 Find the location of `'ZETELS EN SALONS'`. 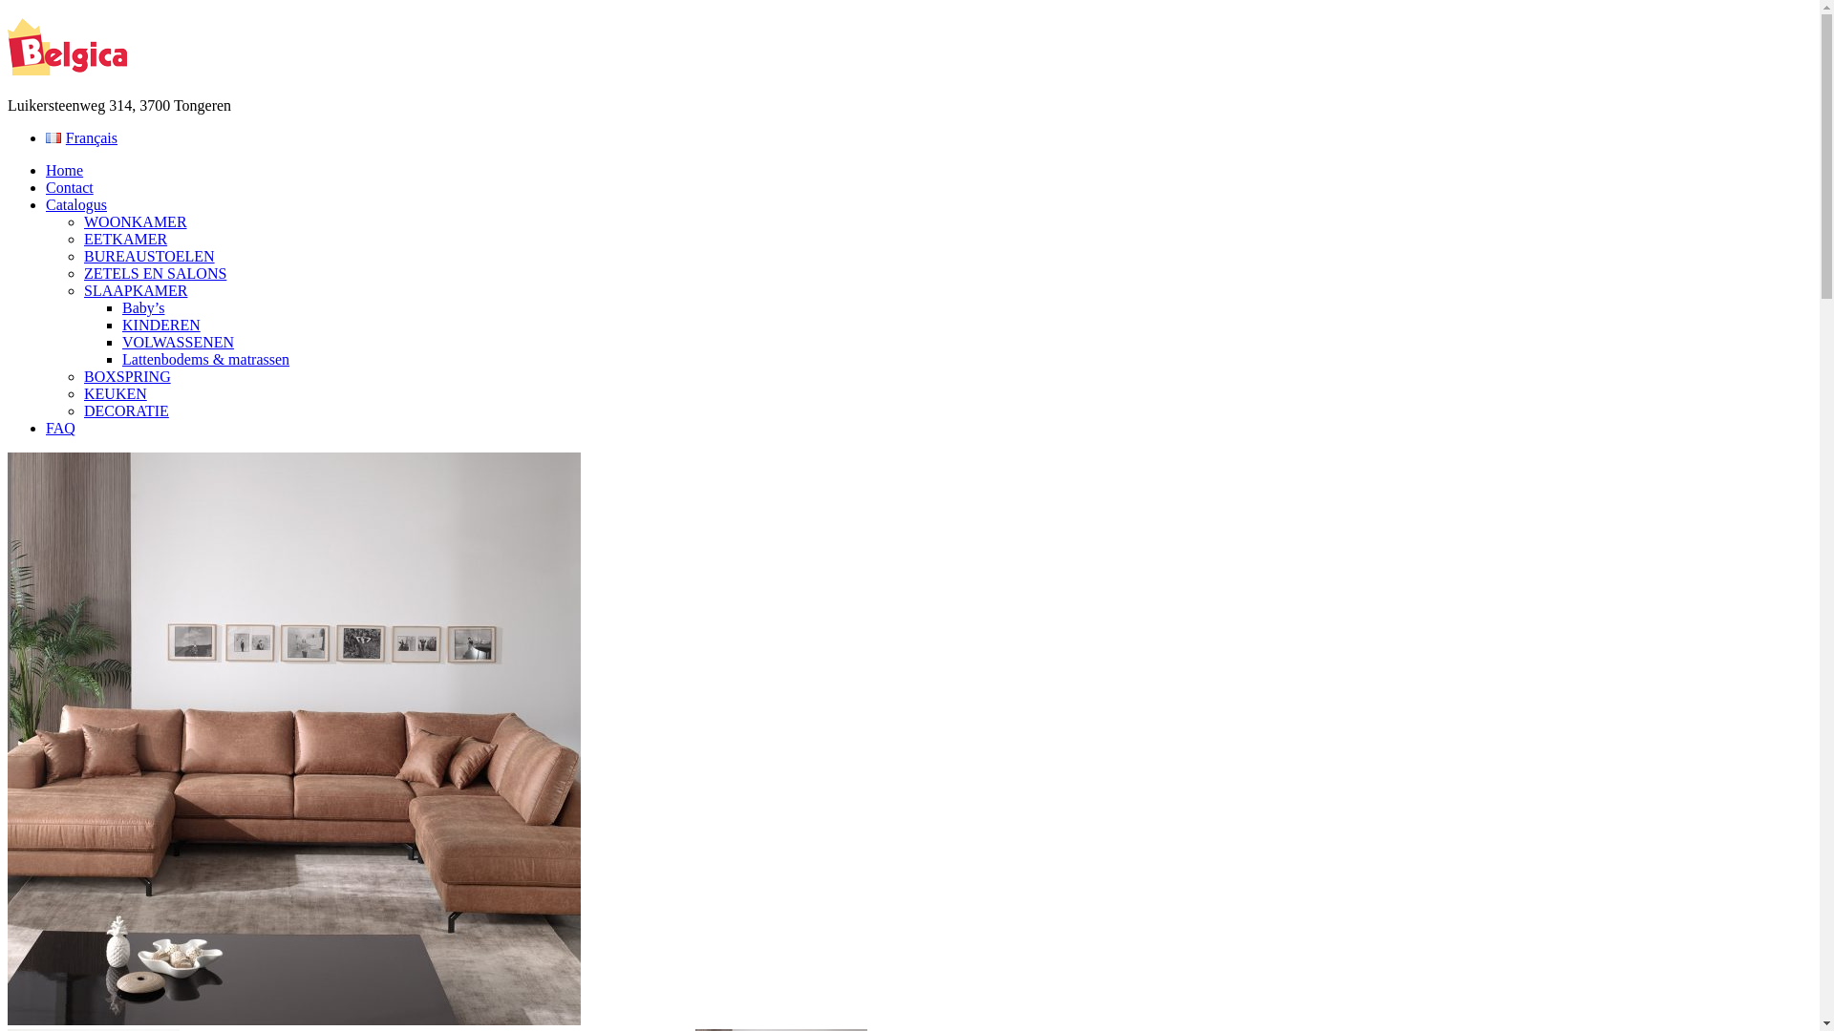

'ZETELS EN SALONS' is located at coordinates (155, 273).